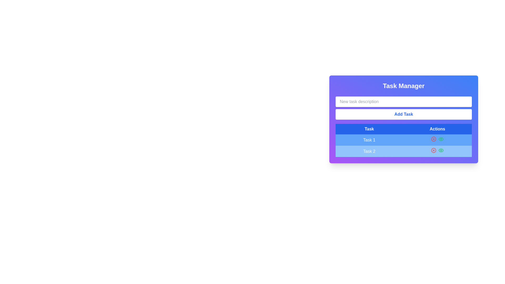 The image size is (505, 284). Describe the element at coordinates (441, 139) in the screenshot. I see `the green eye icon button located to the right of the 'Task 2' entry in the task manager interface` at that location.